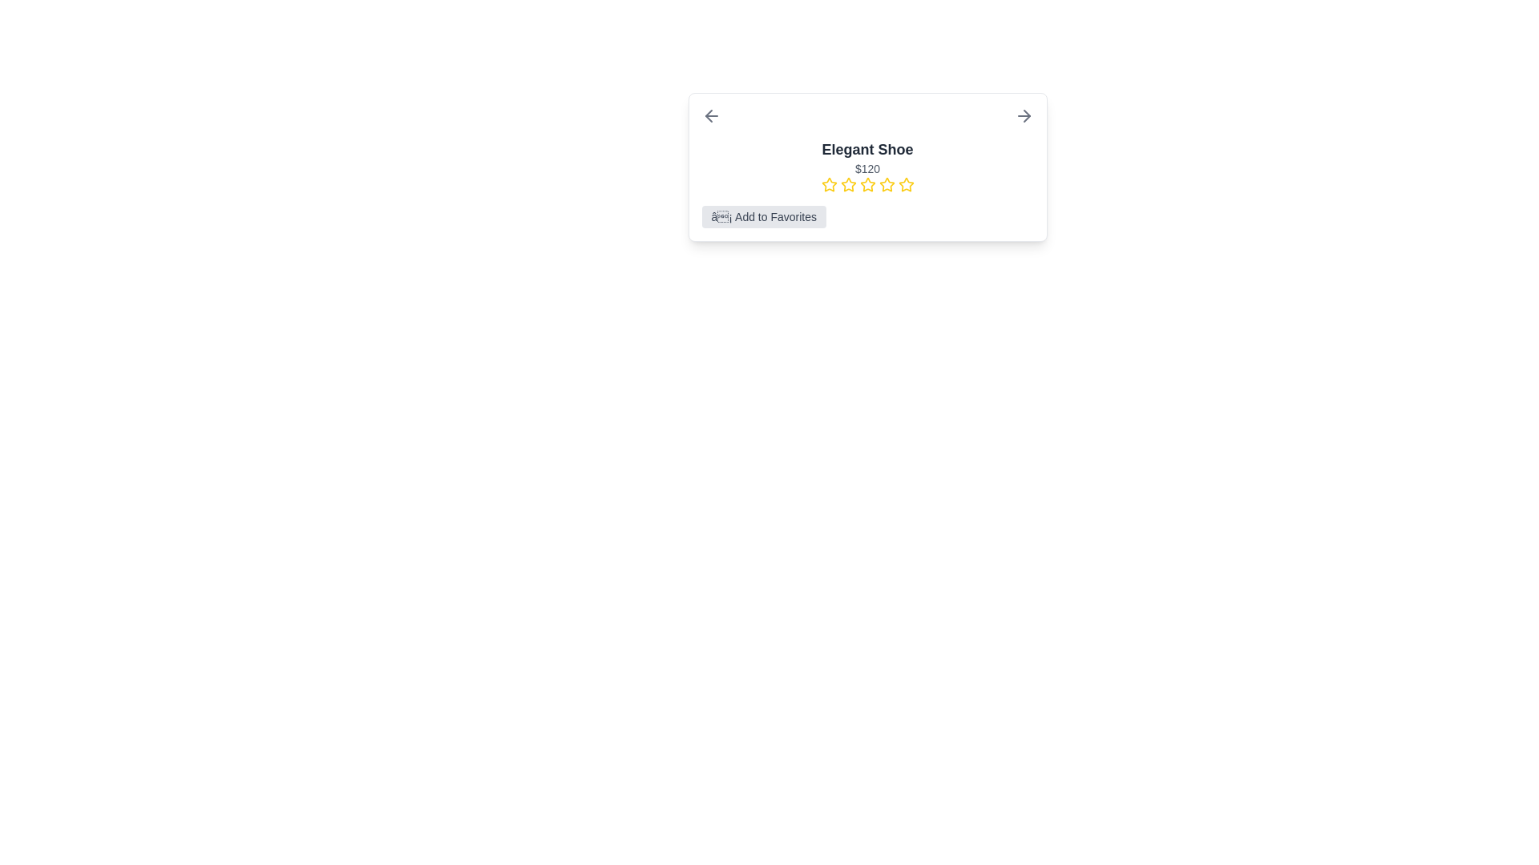 Image resolution: width=1539 pixels, height=865 pixels. Describe the element at coordinates (847, 183) in the screenshot. I see `the third star icon with a yellow outline and white fill, part of the rating component, located under the product title 'Elegant Shoe' and the price '$120'` at that location.